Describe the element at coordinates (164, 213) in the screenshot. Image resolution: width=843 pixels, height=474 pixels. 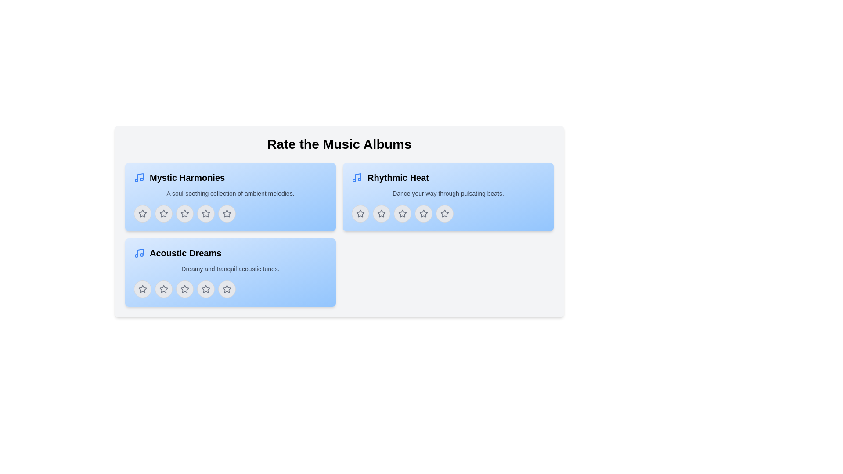
I see `the second rating star icon for keyboard navigation` at that location.